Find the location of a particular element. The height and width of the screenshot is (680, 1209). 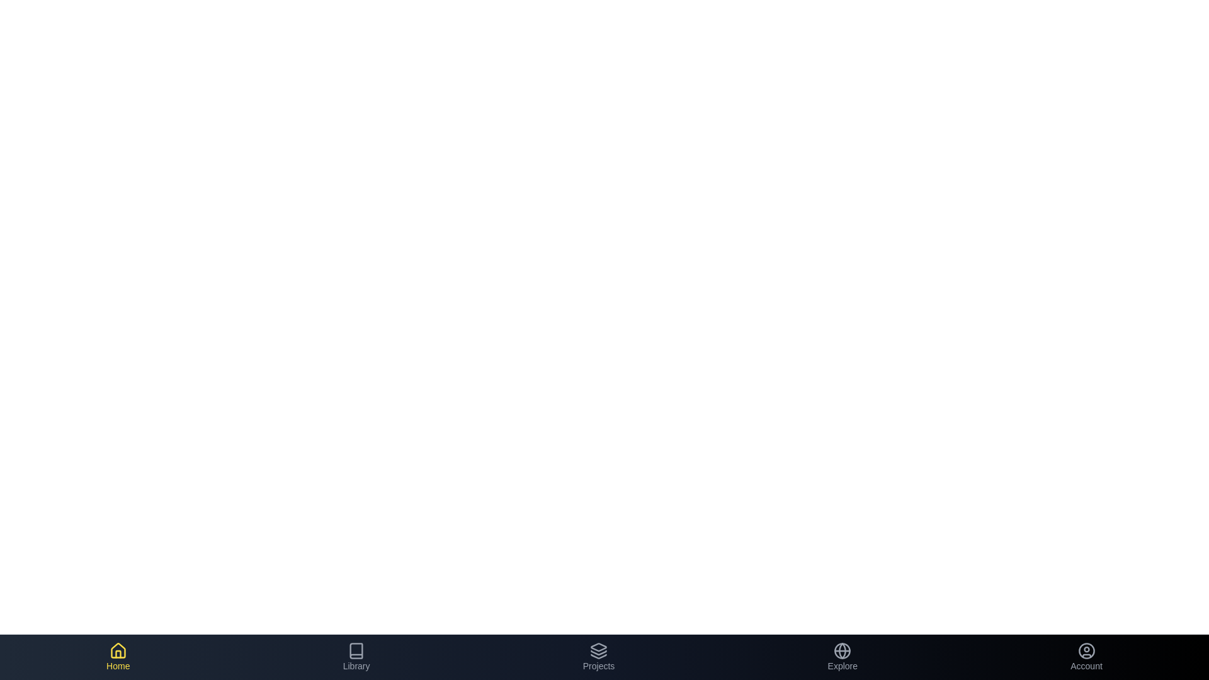

the Account tab to navigate to its section is located at coordinates (1086, 657).